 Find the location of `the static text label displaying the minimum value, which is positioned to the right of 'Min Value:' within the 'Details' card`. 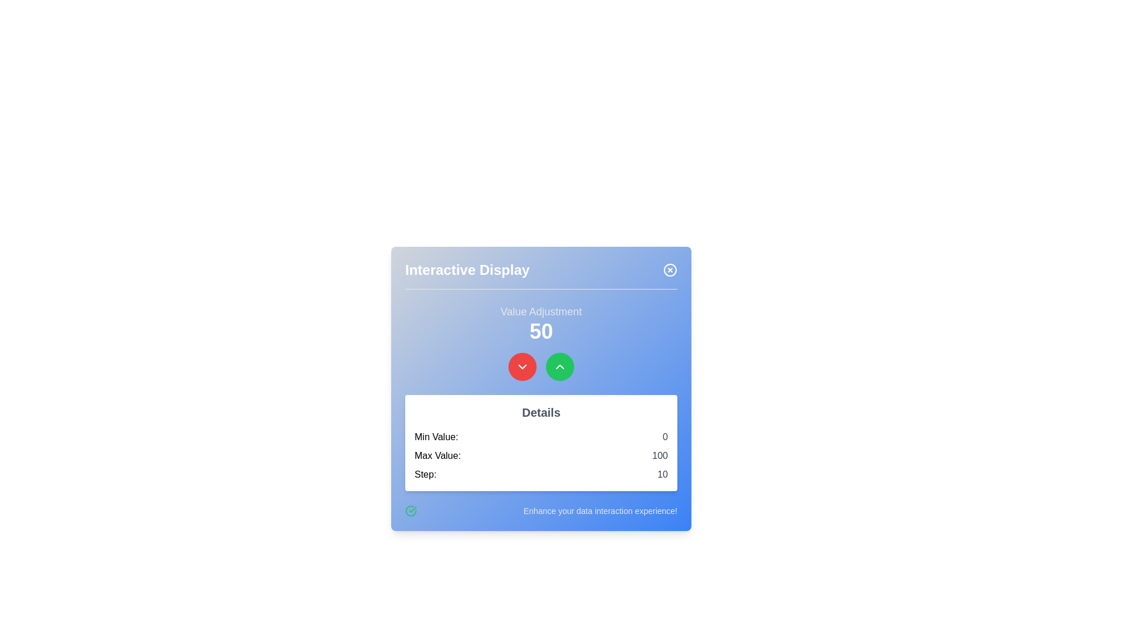

the static text label displaying the minimum value, which is positioned to the right of 'Min Value:' within the 'Details' card is located at coordinates (665, 437).